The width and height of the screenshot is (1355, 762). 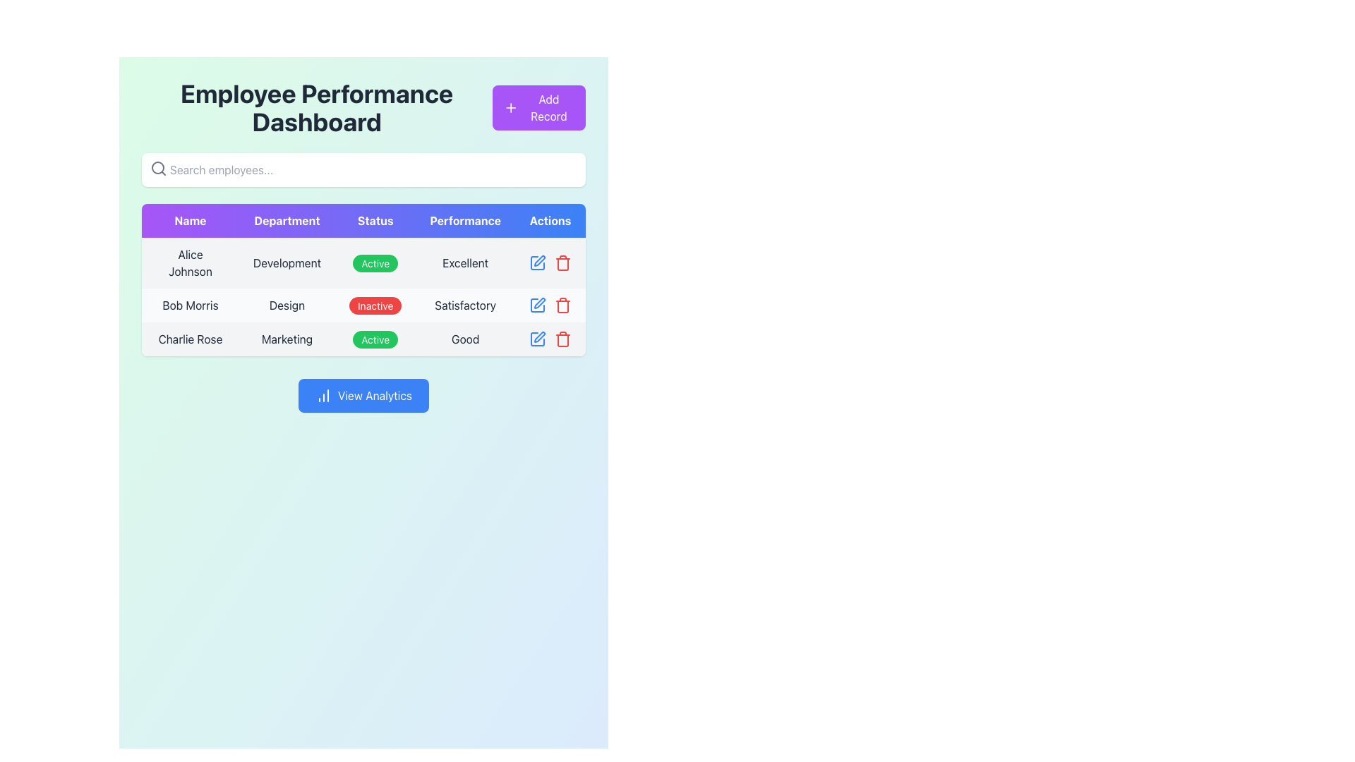 What do you see at coordinates (375, 304) in the screenshot?
I see `the rounded rectangular button labeled 'Inactive' with a red background, indicating a status in the second row, third column under 'Status'` at bounding box center [375, 304].